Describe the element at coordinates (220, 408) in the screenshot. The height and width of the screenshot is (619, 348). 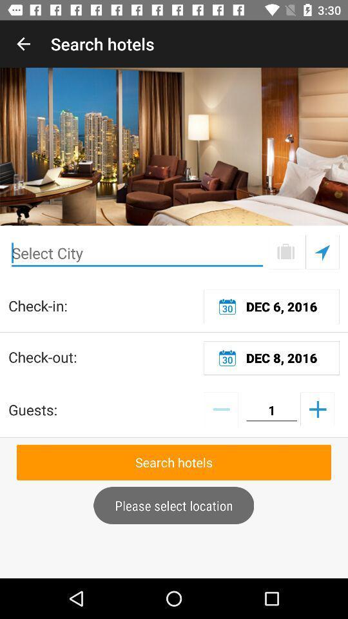
I see `the minus icon` at that location.